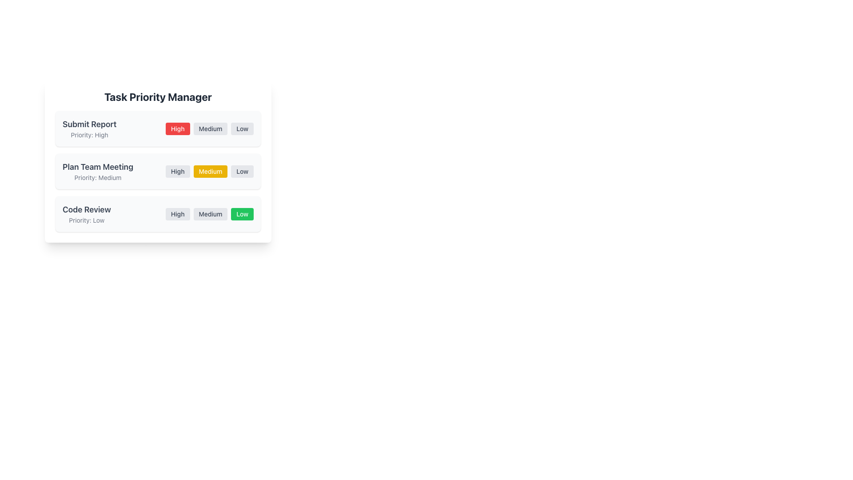 The image size is (853, 480). What do you see at coordinates (178, 214) in the screenshot?
I see `the 'High' priority button, which is a rectangular button with rounded corners located in the 'Code Review' section of the 'Task Priority Manager' interface` at bounding box center [178, 214].